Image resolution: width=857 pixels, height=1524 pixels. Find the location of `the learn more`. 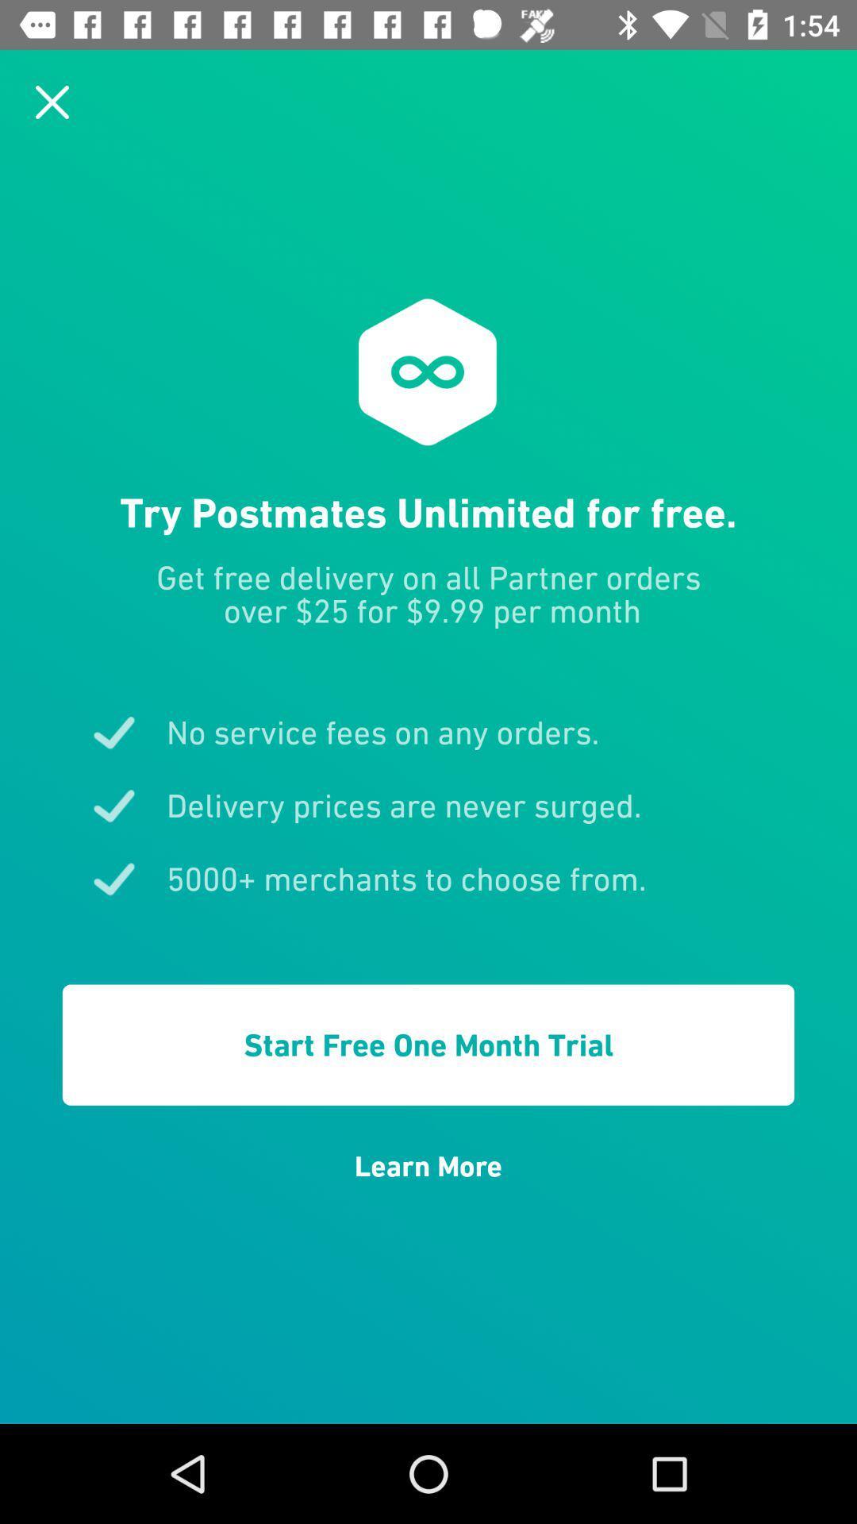

the learn more is located at coordinates (428, 1166).